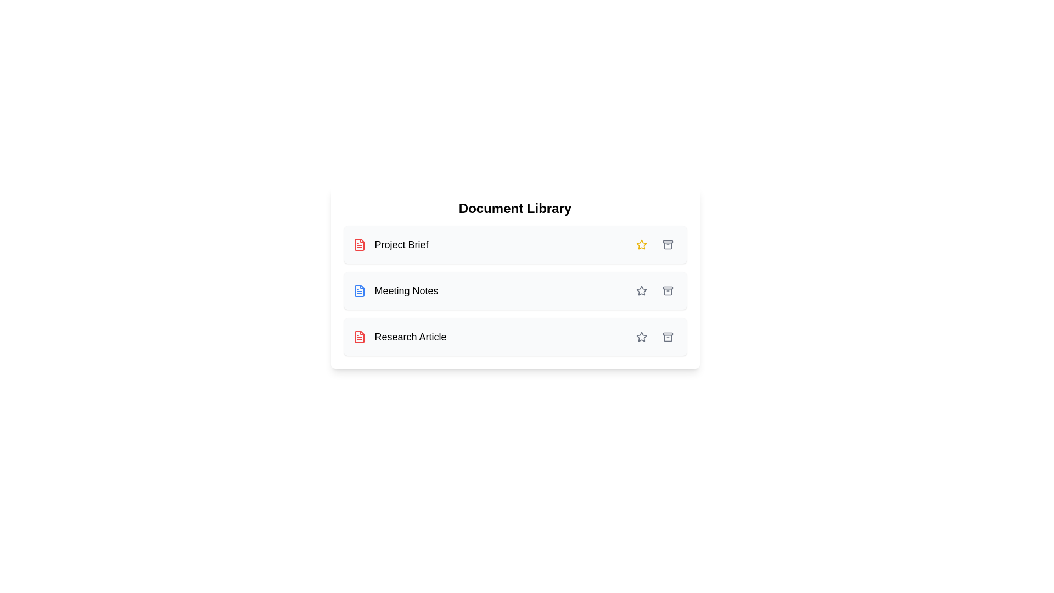 The height and width of the screenshot is (593, 1054). Describe the element at coordinates (359, 244) in the screenshot. I see `the document's icon to simulate interaction` at that location.